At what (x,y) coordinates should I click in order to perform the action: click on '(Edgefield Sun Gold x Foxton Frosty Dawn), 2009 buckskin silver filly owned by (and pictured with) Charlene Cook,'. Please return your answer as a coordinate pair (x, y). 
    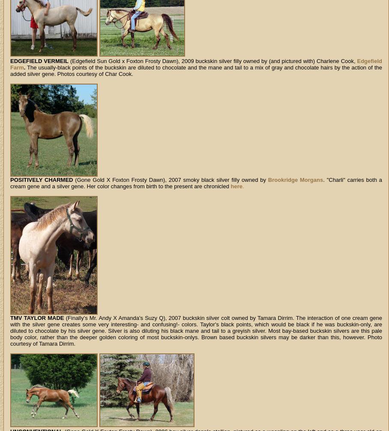
    Looking at the image, I should click on (212, 61).